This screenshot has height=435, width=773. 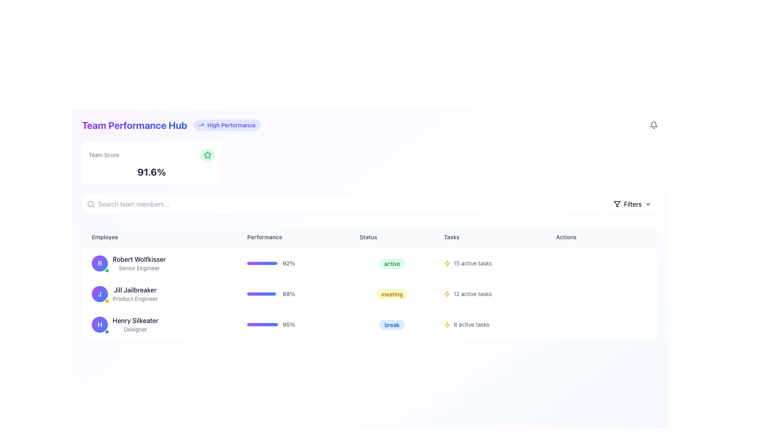 What do you see at coordinates (602, 294) in the screenshot?
I see `the blank cell in the 'Actions' column of the table corresponding to 'Jill Jailbreaker', located at the rightmost side of the row, adjacent to the 'Tasks' column showing '12 active tasks'` at bounding box center [602, 294].